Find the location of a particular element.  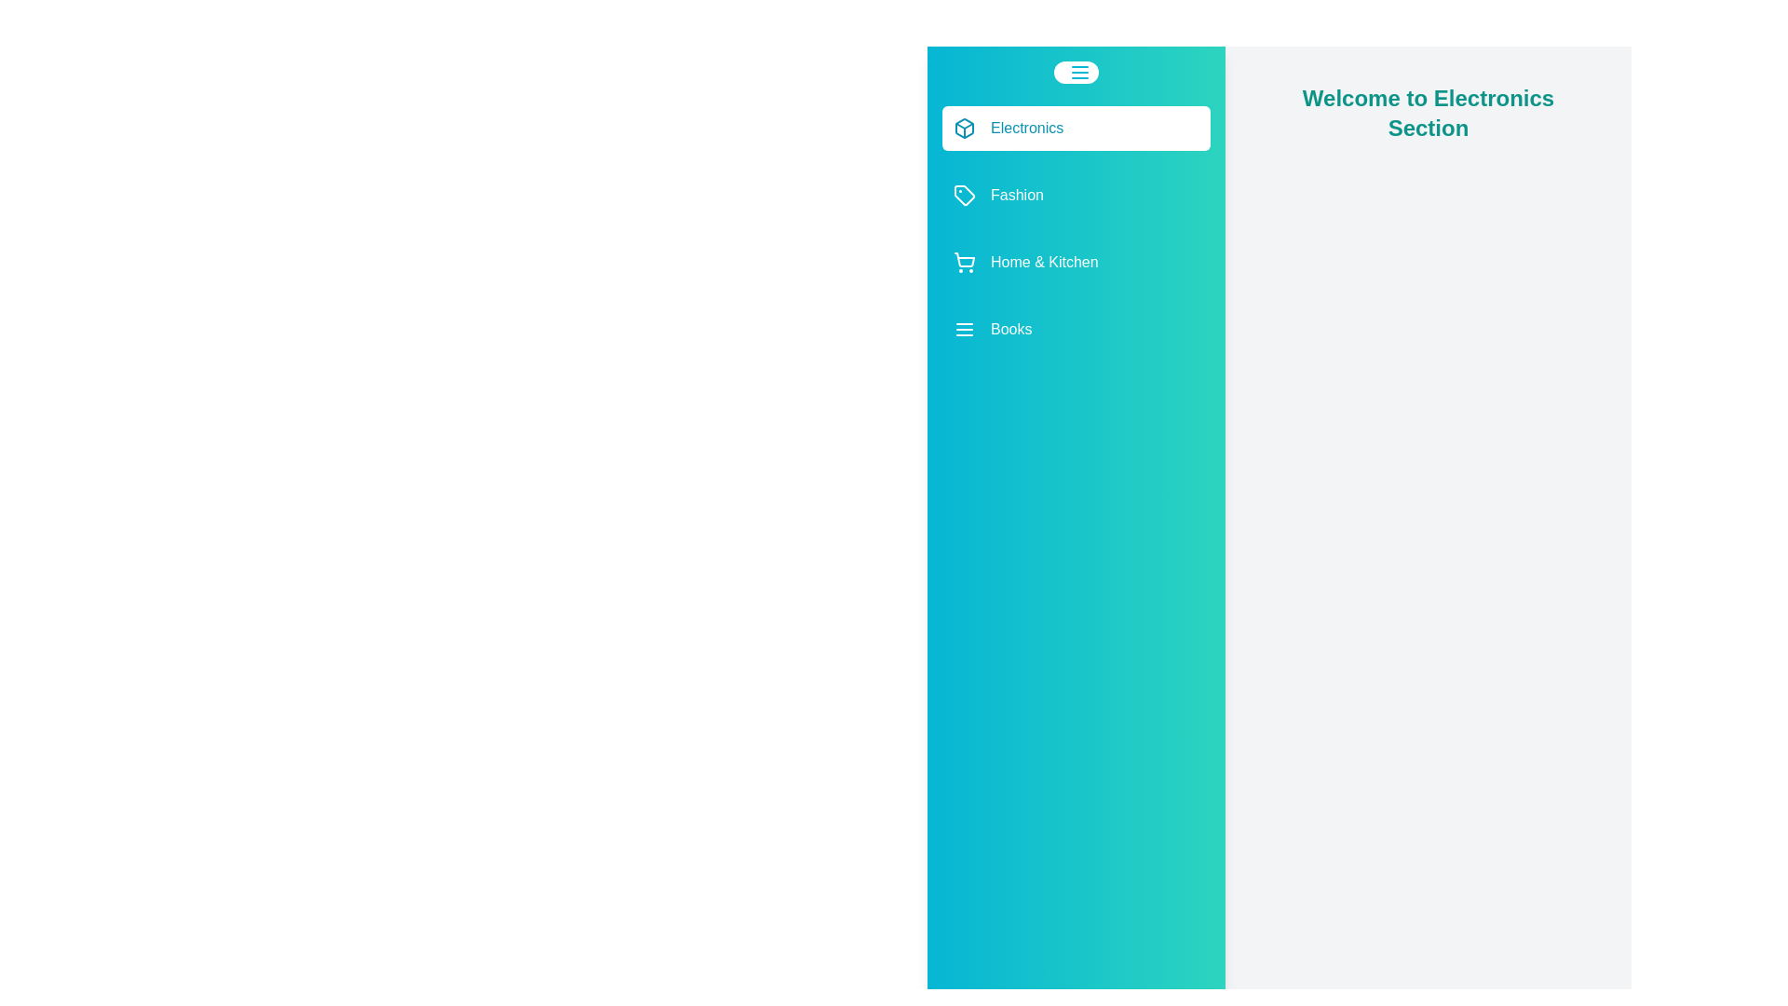

the top-left button to toggle the drawer is located at coordinates (1077, 71).